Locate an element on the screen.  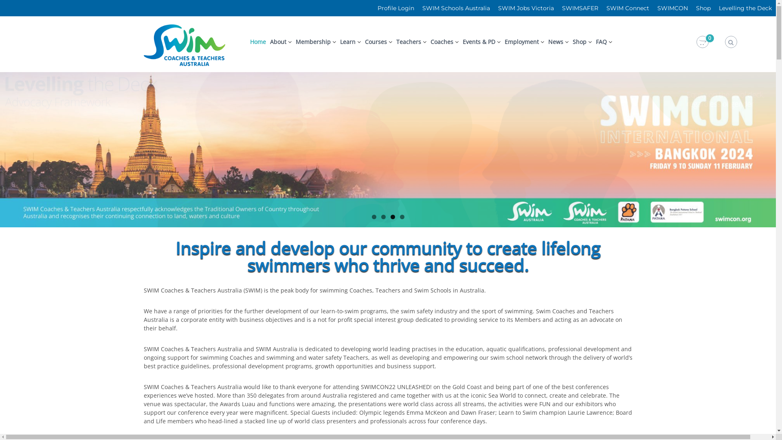
'SWIM Jobs Victoria' is located at coordinates (526, 8).